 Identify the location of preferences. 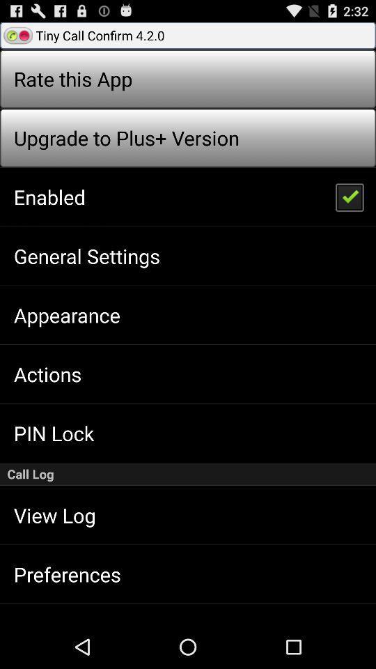
(66, 574).